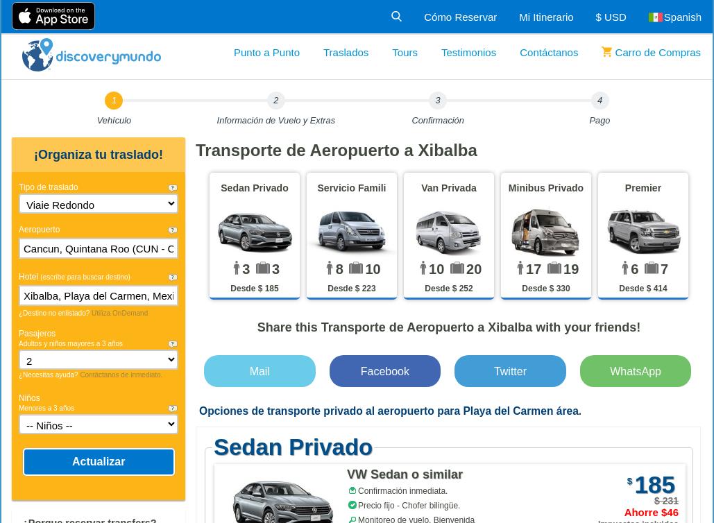  I want to click on '.', so click(579, 410).